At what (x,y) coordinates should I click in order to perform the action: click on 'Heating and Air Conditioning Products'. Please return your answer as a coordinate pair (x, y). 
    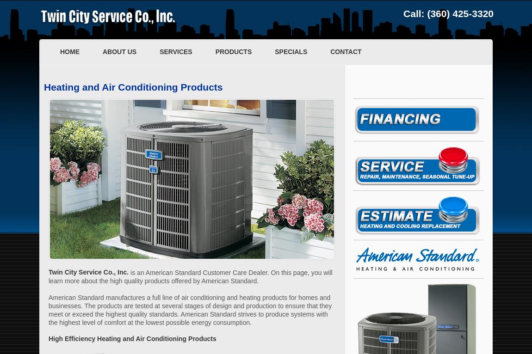
    Looking at the image, I should click on (132, 86).